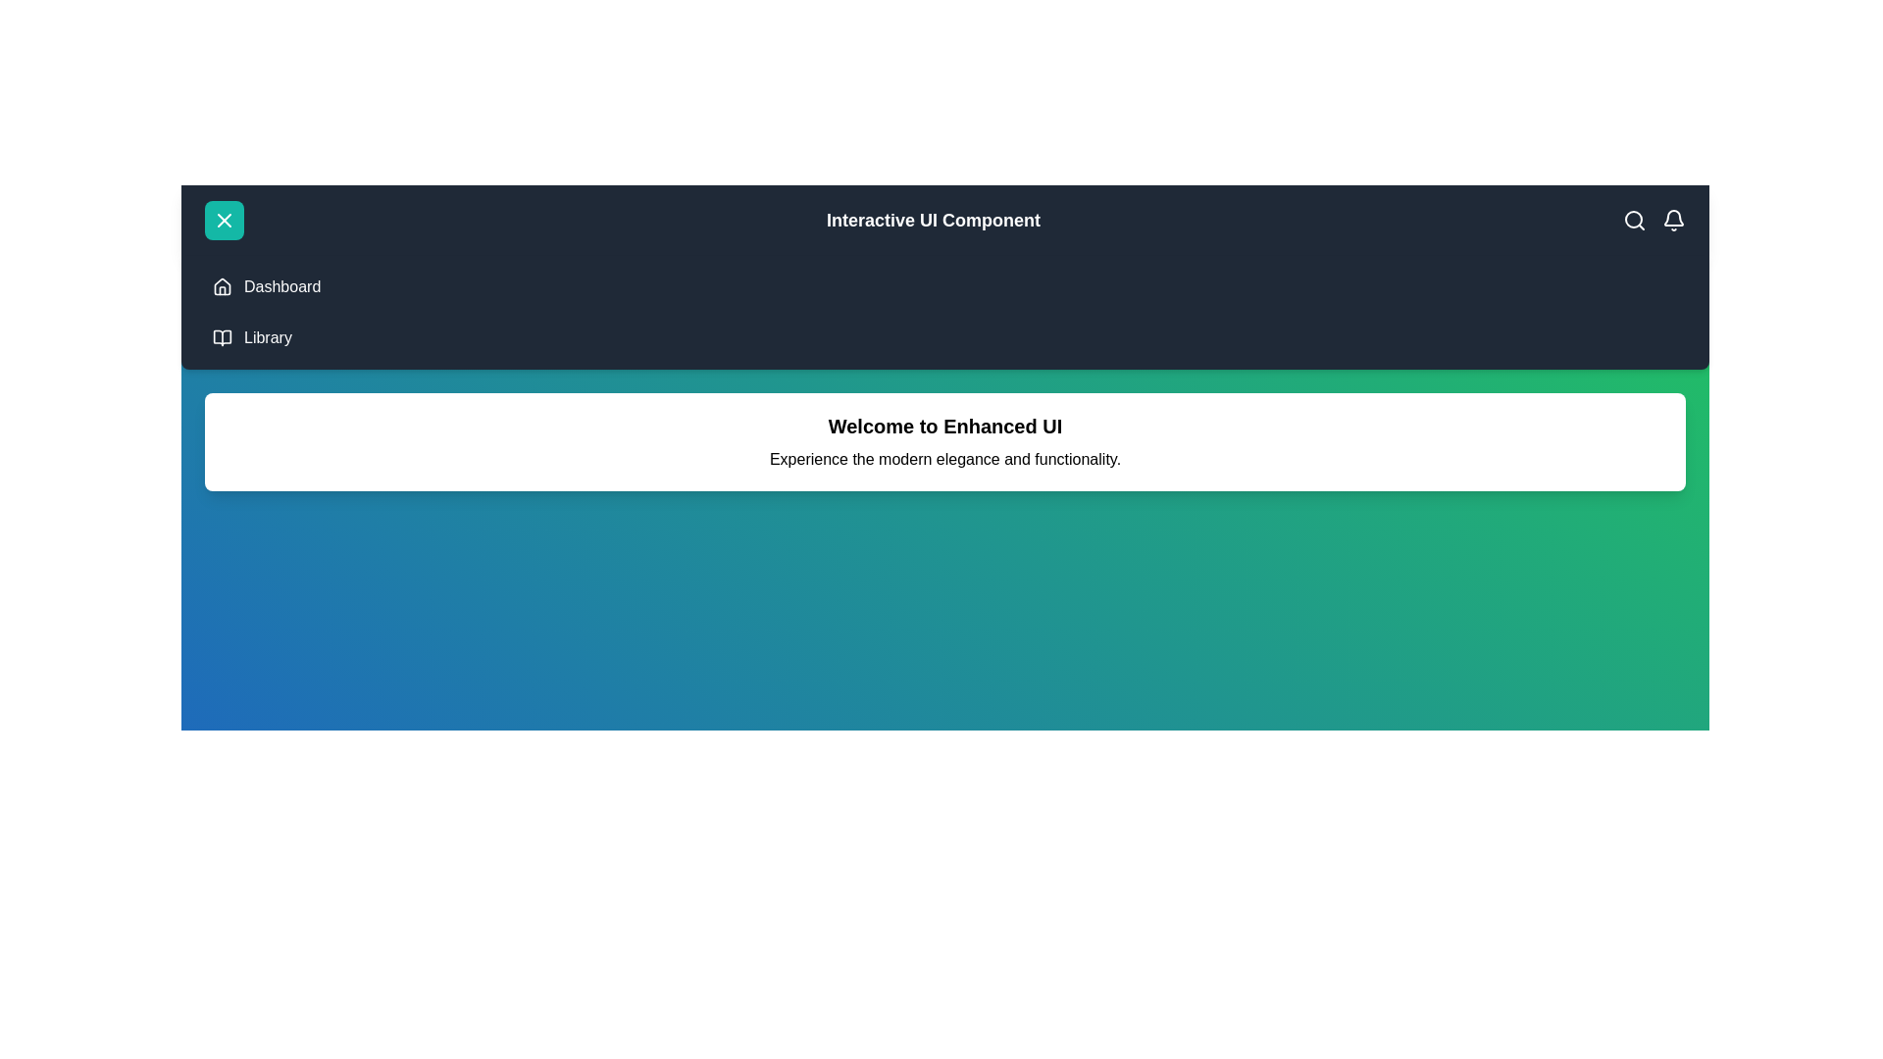  I want to click on the search icon to trigger the search action, so click(1634, 220).